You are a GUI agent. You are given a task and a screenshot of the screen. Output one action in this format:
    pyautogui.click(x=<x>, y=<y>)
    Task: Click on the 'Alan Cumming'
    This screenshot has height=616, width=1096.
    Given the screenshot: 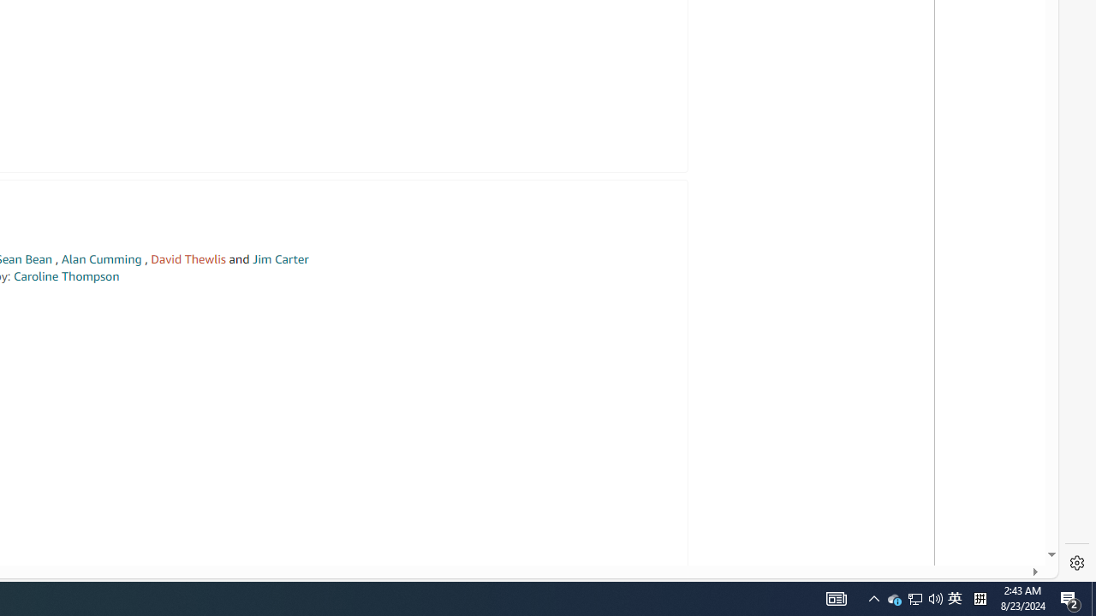 What is the action you would take?
    pyautogui.click(x=100, y=259)
    